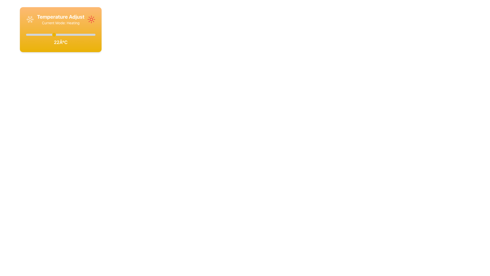 This screenshot has width=490, height=276. I want to click on the 'Temperature Adjust' text label, which is displayed in a large, bold font with an orange background, centered above the 'Current Mode: Heating' text, so click(61, 16).